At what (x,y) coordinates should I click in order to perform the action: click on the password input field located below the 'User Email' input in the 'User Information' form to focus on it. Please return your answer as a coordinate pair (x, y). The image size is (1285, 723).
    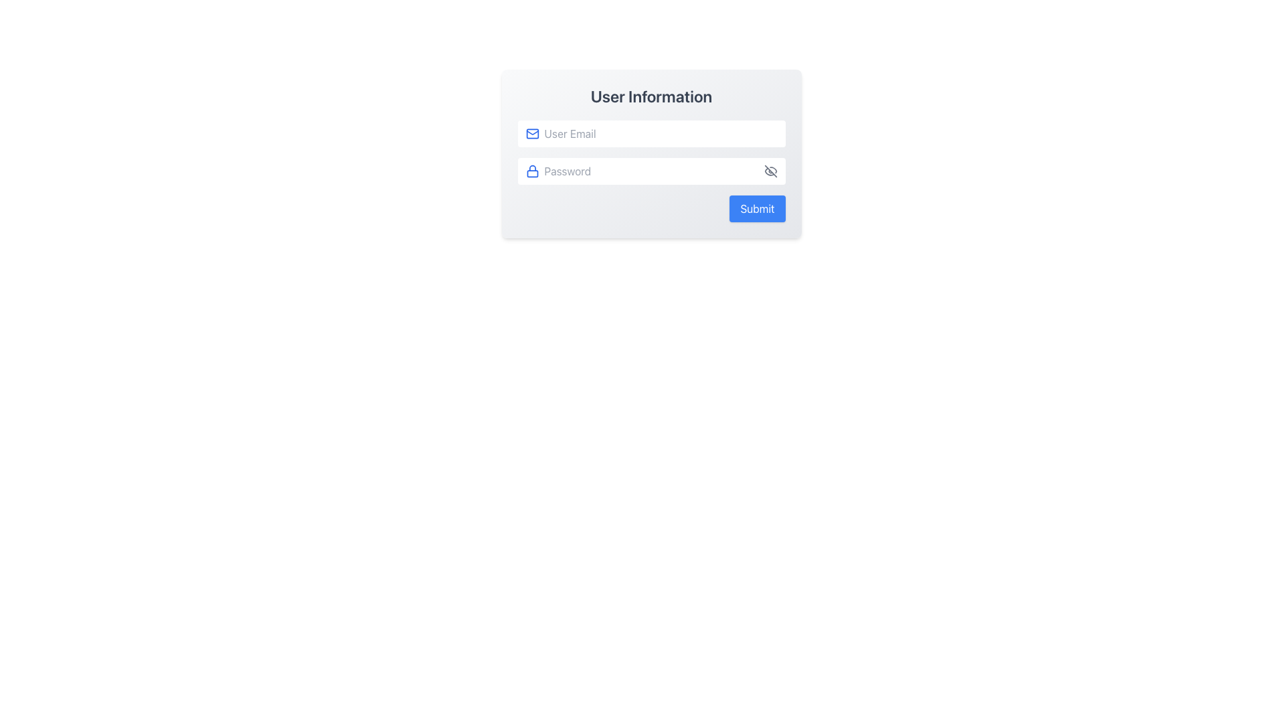
    Looking at the image, I should click on (651, 170).